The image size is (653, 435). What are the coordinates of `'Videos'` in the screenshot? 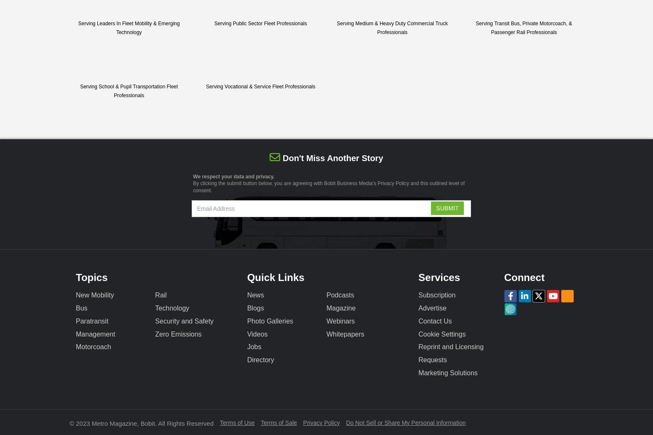 It's located at (257, 333).